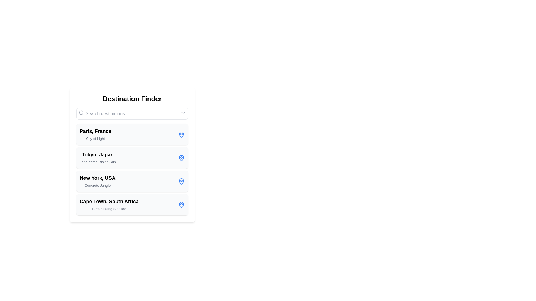  Describe the element at coordinates (183, 113) in the screenshot. I see `the downward arrow icon located to the right of the rectangular search input field` at that location.